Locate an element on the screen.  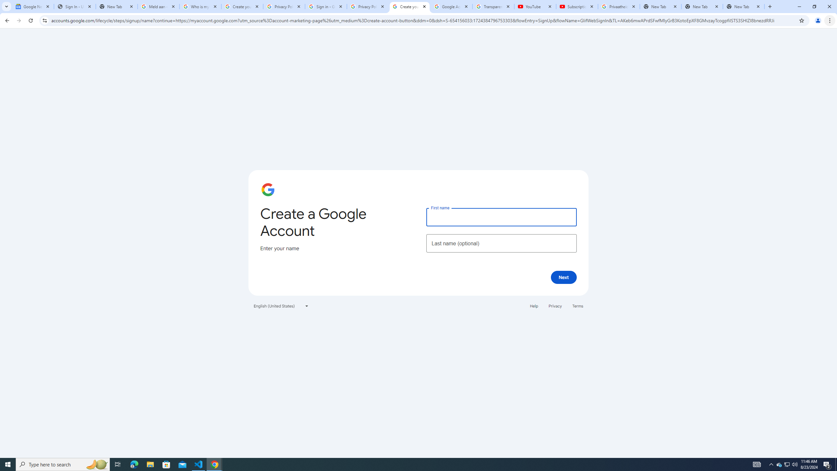
'First name' is located at coordinates (501, 217).